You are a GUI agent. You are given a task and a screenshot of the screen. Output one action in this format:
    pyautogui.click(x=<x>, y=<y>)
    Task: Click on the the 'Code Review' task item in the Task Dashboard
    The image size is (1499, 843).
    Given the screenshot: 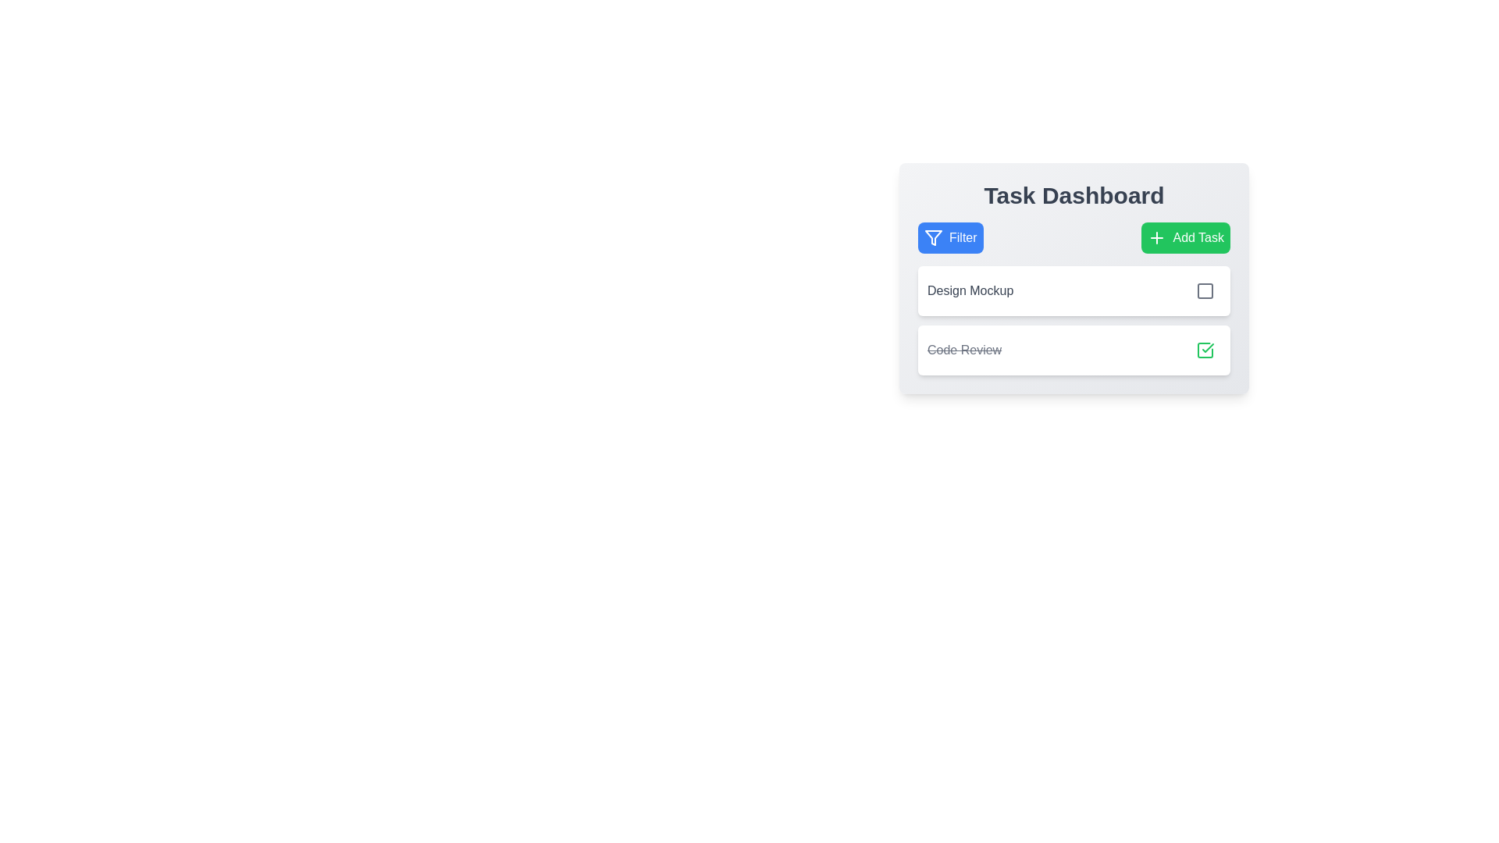 What is the action you would take?
    pyautogui.click(x=1074, y=349)
    